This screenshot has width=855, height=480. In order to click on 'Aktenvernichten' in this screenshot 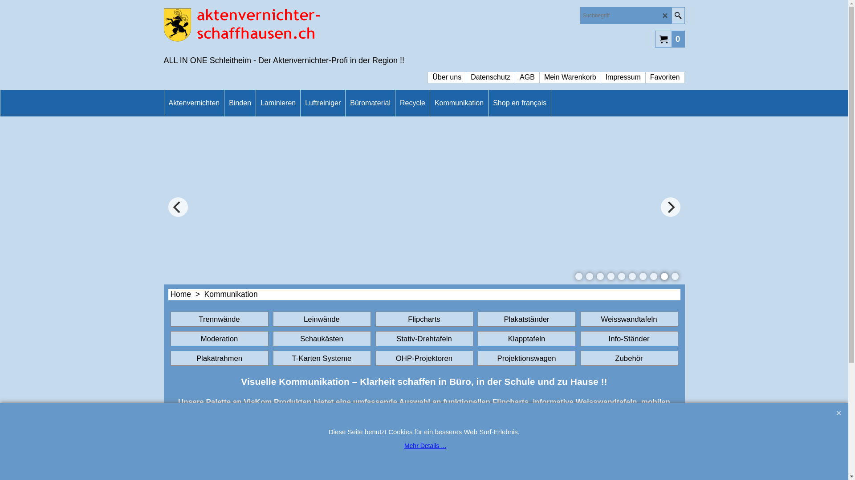, I will do `click(164, 102)`.